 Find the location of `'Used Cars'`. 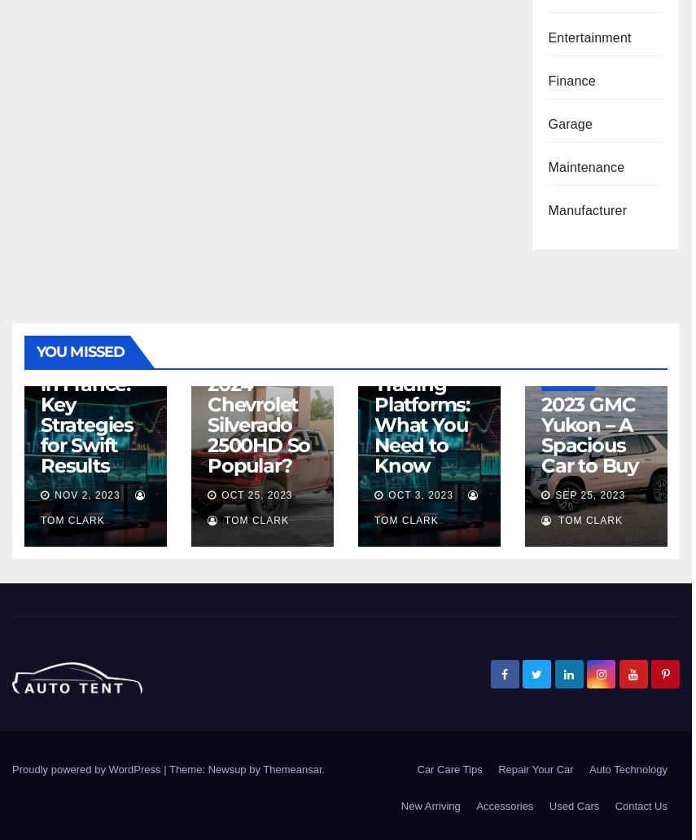

'Used Cars' is located at coordinates (573, 805).